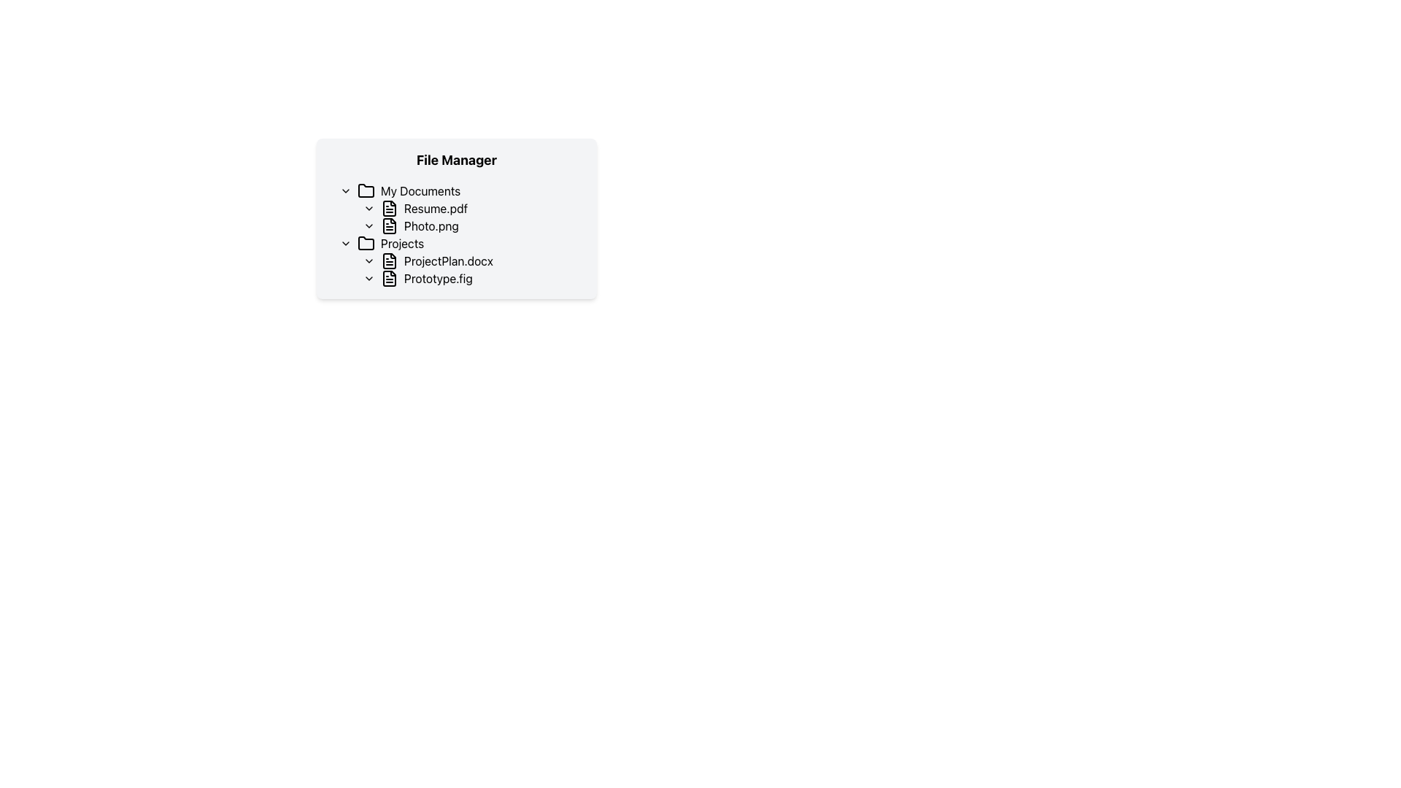 The width and height of the screenshot is (1401, 788). I want to click on the small triangular chevron icon pointing downwards, located to the left of the 'Resume.pdf' text in the 'File Manager' panel, so click(368, 208).